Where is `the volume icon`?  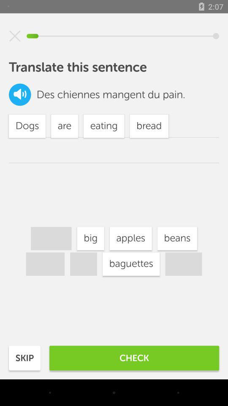 the volume icon is located at coordinates (20, 94).